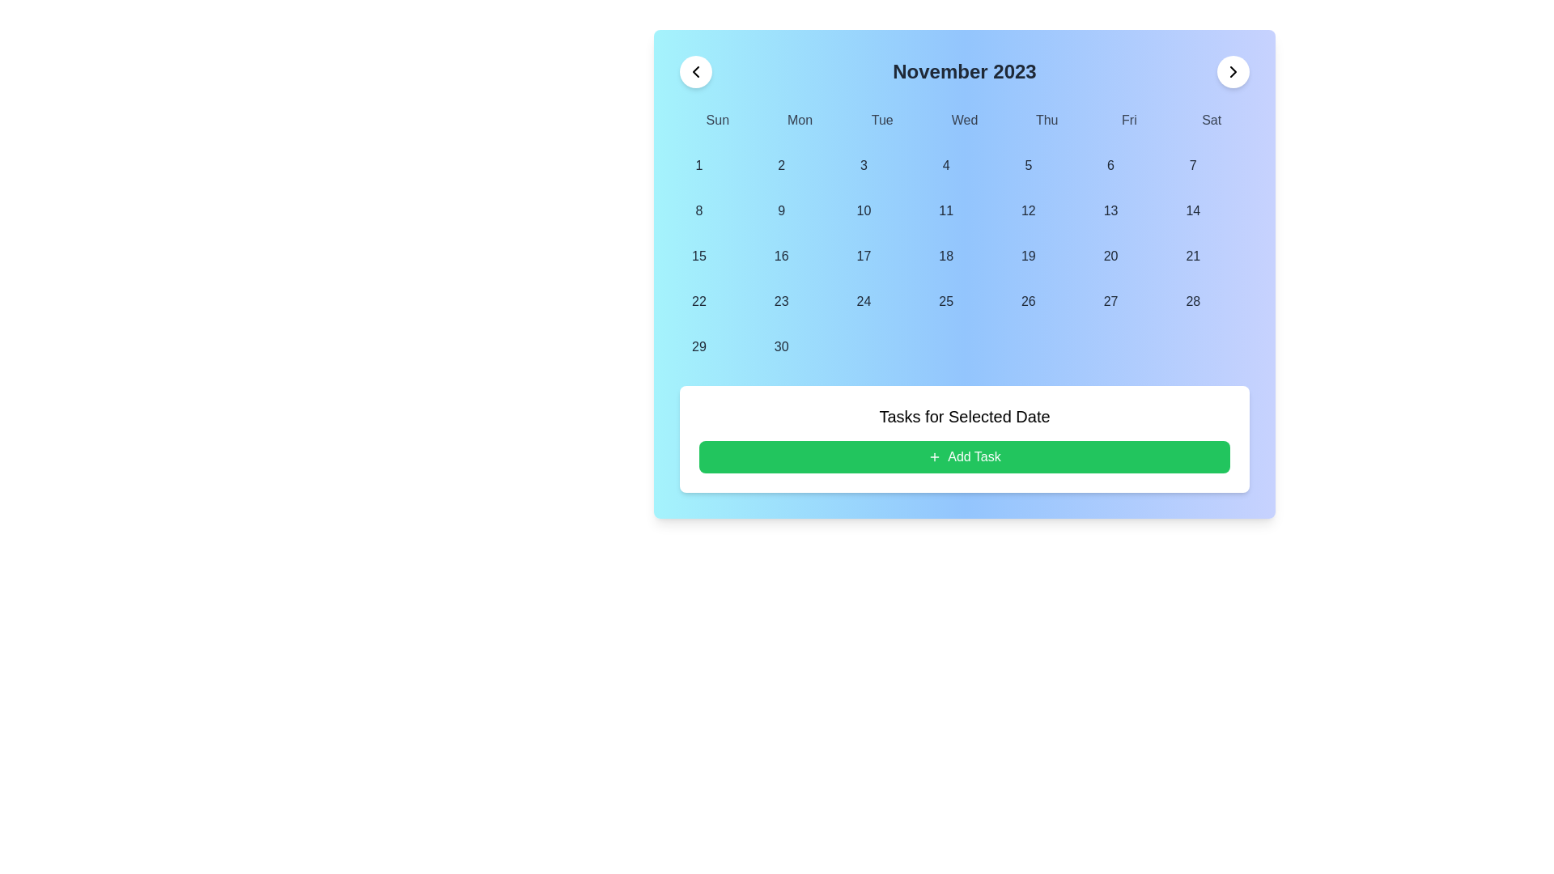 Image resolution: width=1554 pixels, height=874 pixels. What do you see at coordinates (1232, 70) in the screenshot?
I see `the circular button with a black chevron arrow icon pointing to the right, located at the top-right corner of the calendar interface` at bounding box center [1232, 70].